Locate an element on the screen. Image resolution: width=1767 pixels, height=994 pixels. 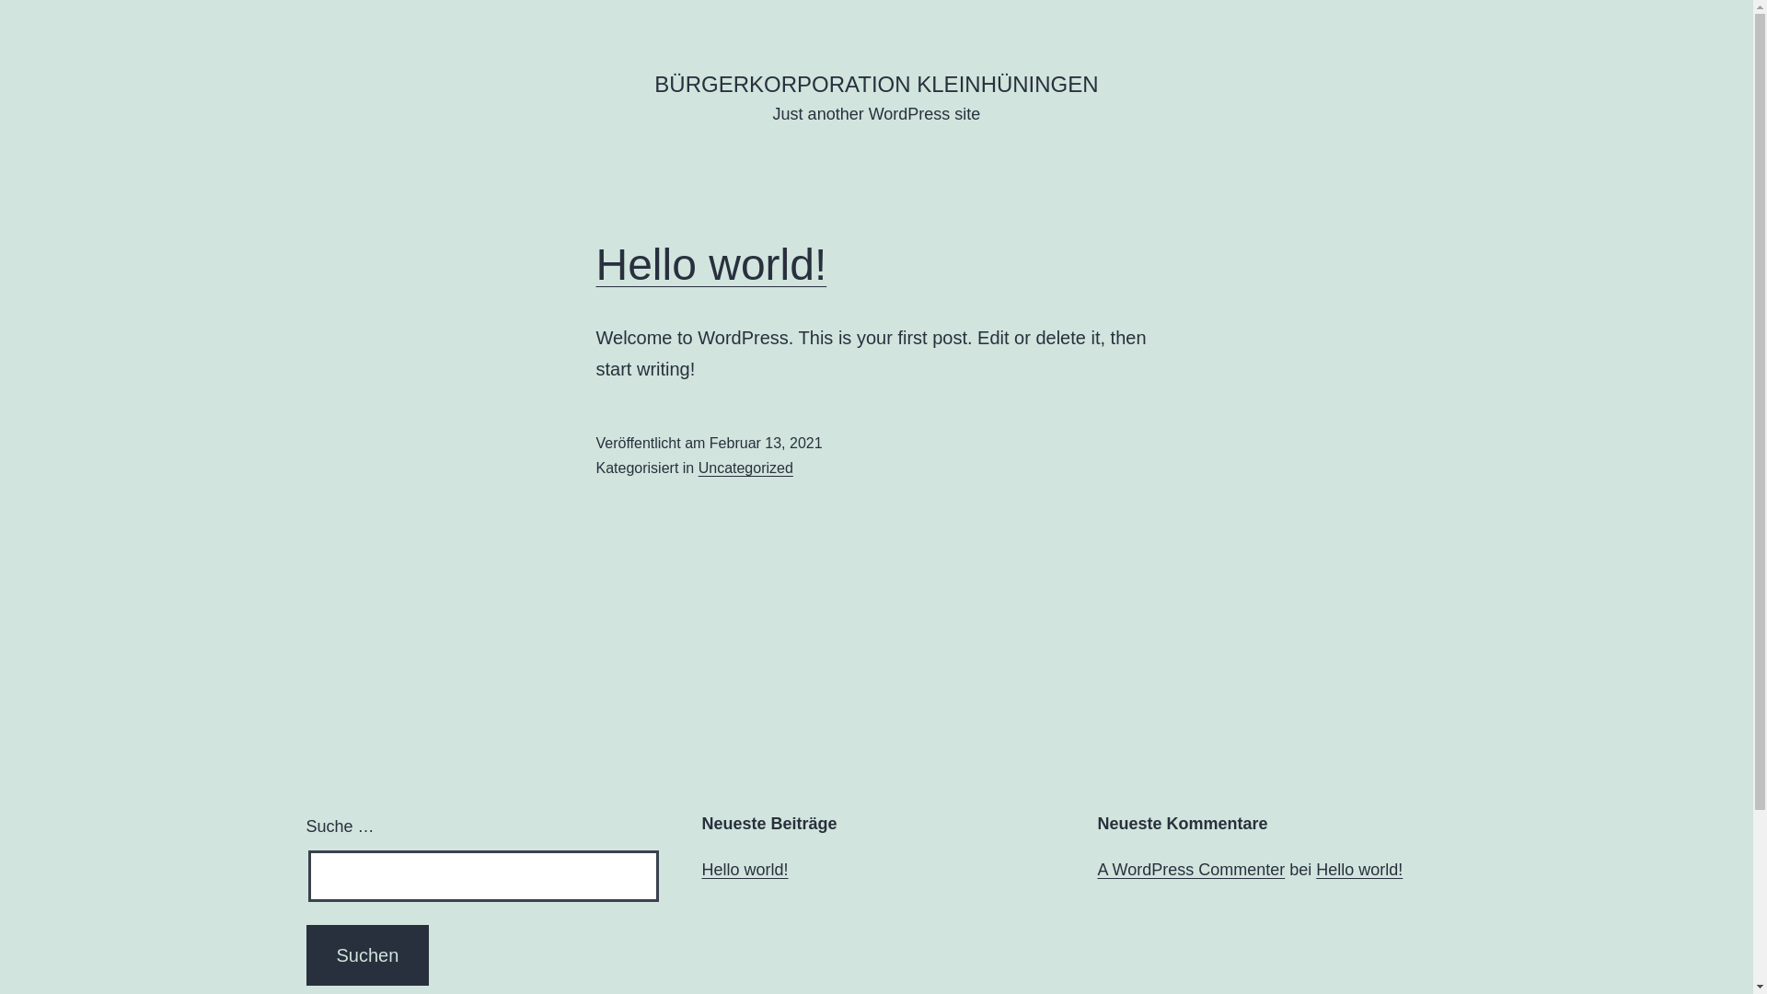
'Hello world!' is located at coordinates (596, 264).